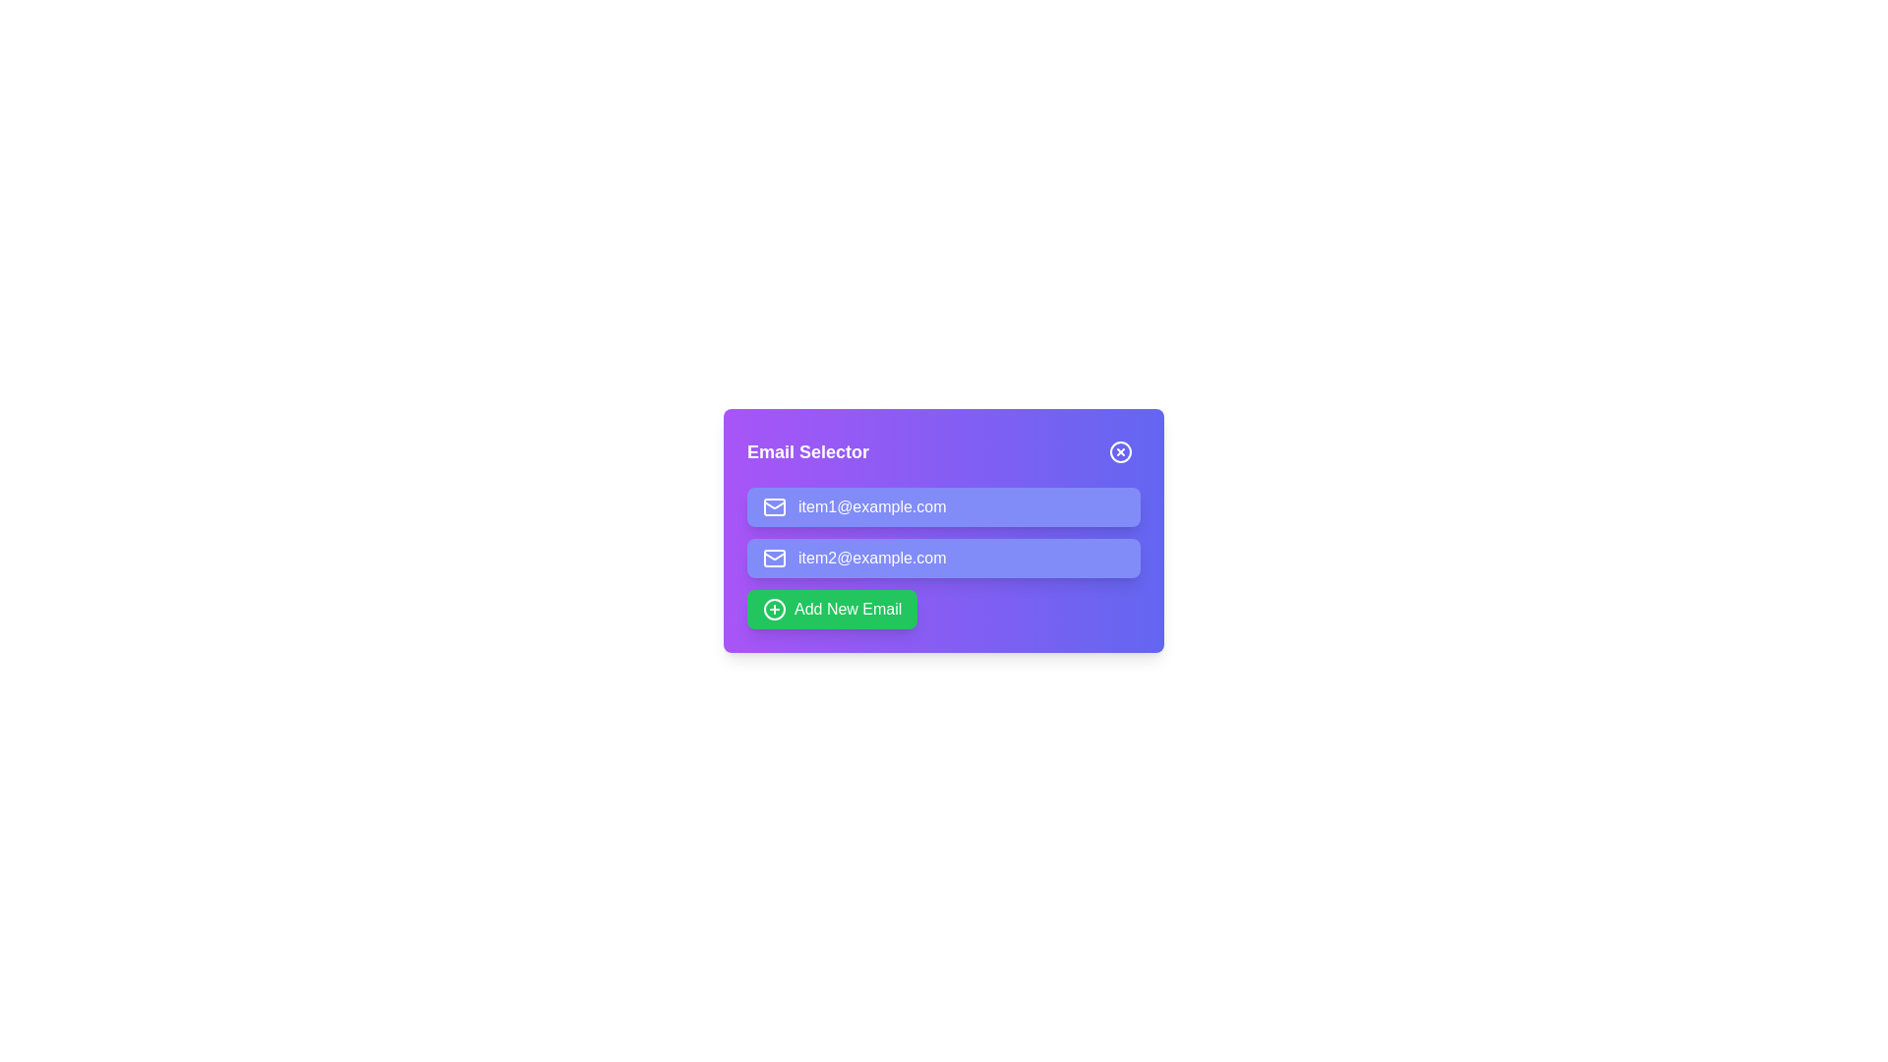  Describe the element at coordinates (1121, 451) in the screenshot. I see `the close button of the dialog to close it` at that location.